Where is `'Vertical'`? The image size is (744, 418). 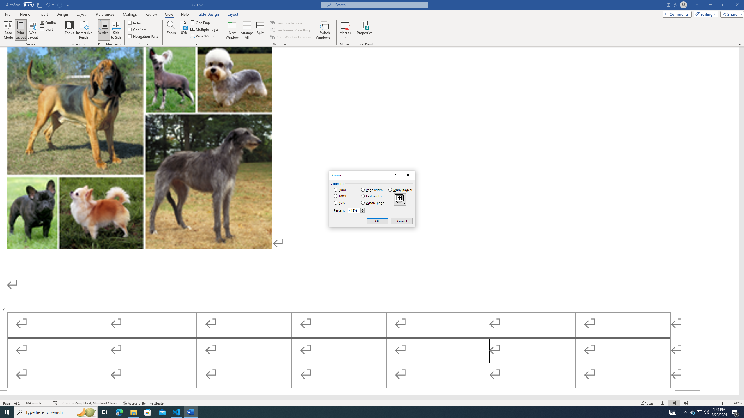
'Vertical' is located at coordinates (103, 30).